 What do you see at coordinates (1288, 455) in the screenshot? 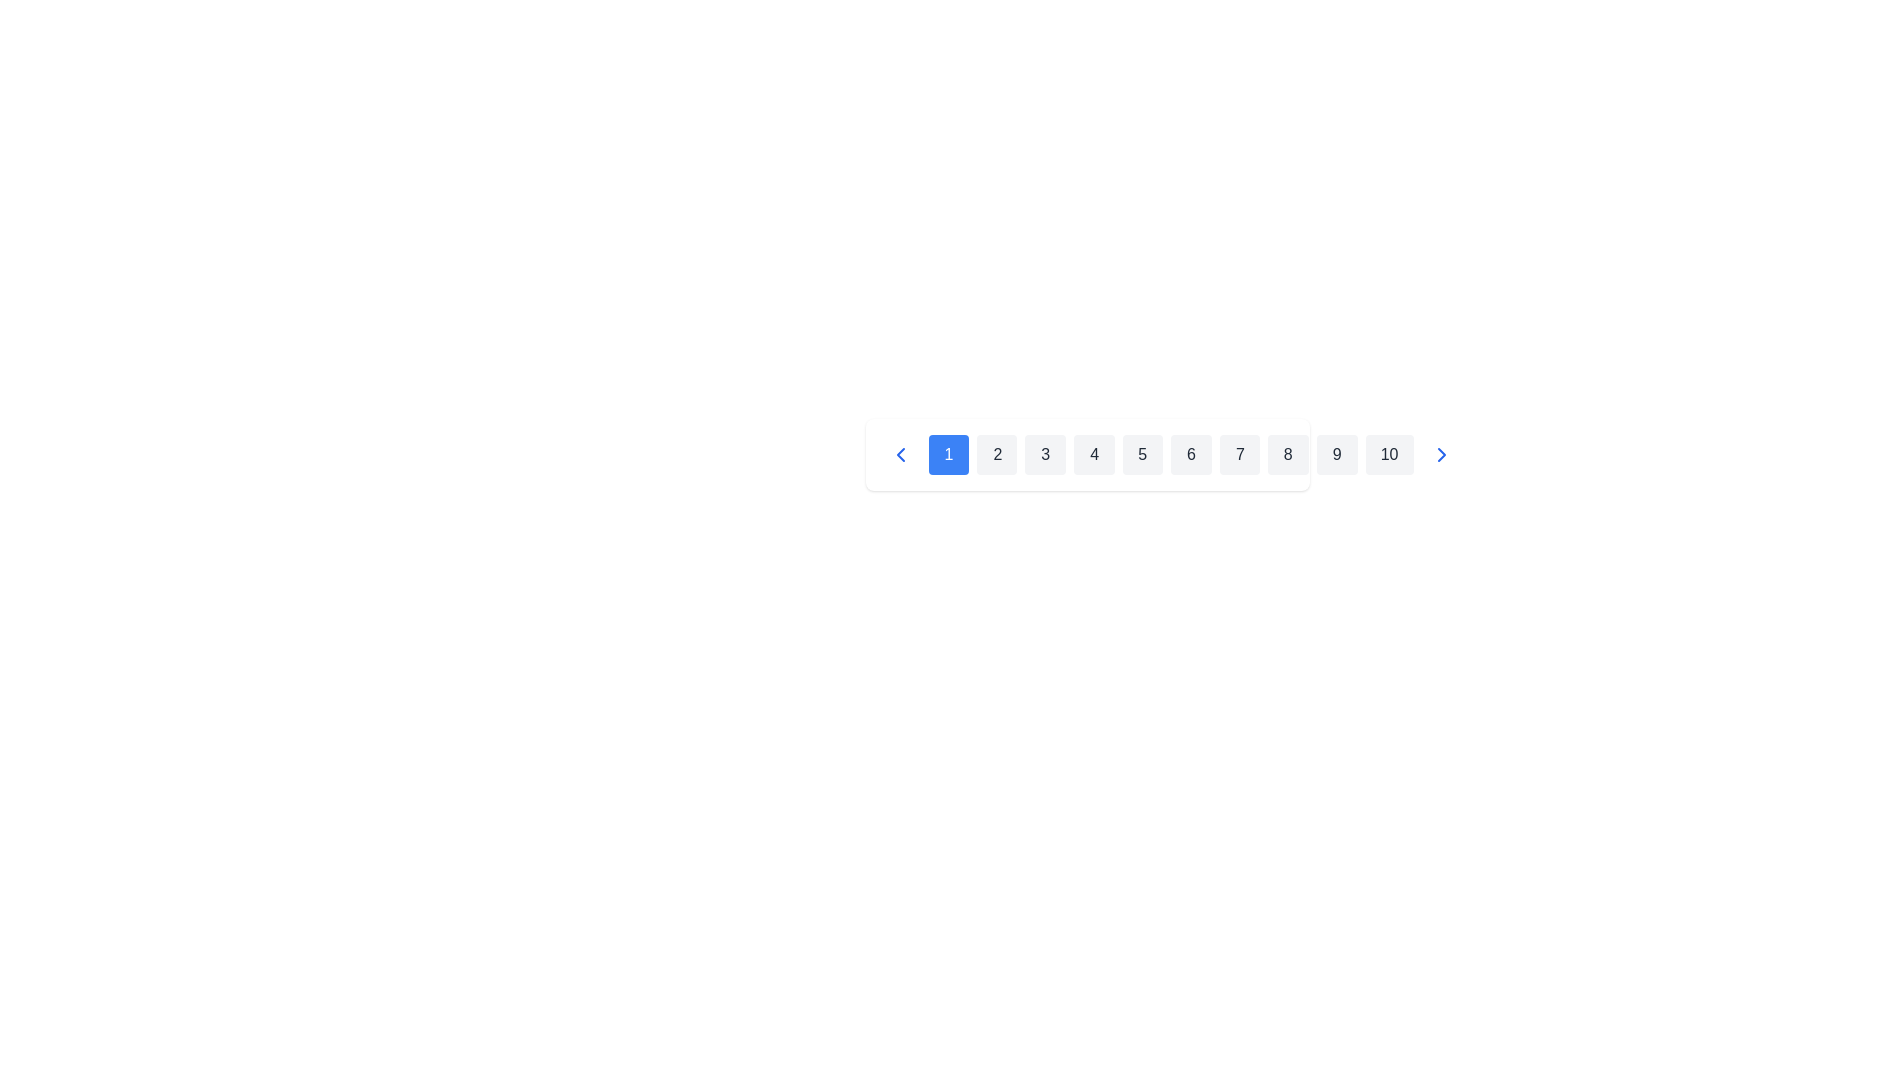
I see `the eighth button in the horizontal navigation bar, which is styled with rounded corners and has the text '8' in dark gray` at bounding box center [1288, 455].